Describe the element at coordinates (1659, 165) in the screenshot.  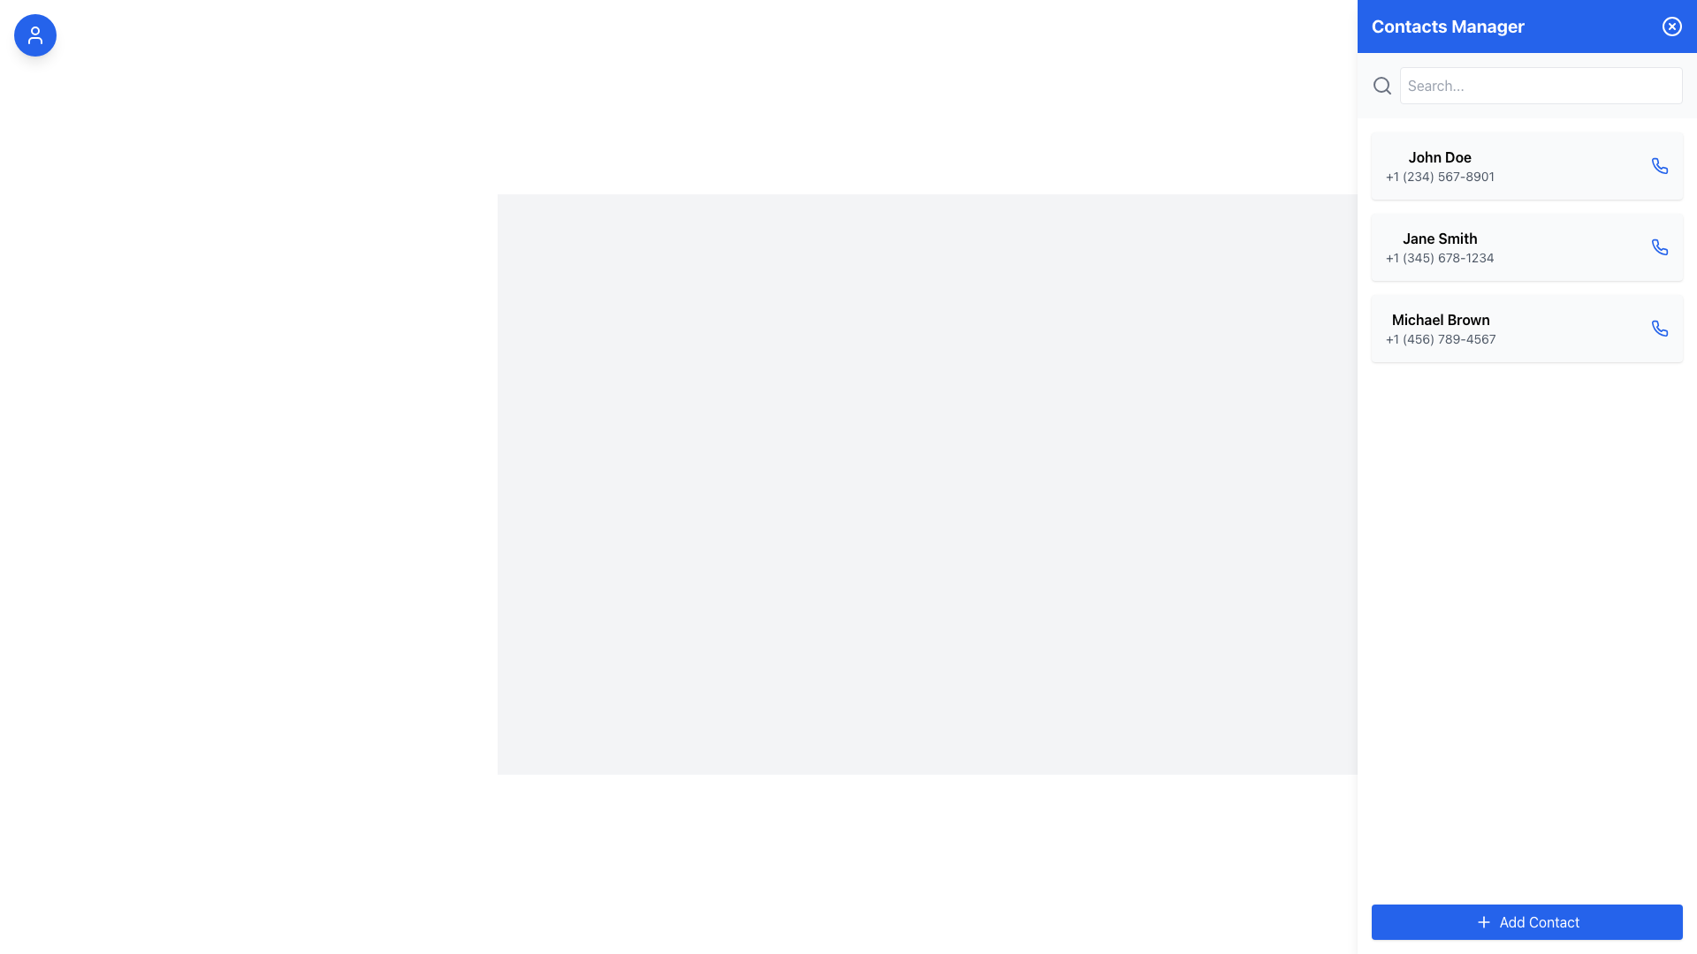
I see `the phone icon located in the right panel, below the icon for 'John Doe' and above the icon for 'Michael Brown', to initiate a call` at that location.